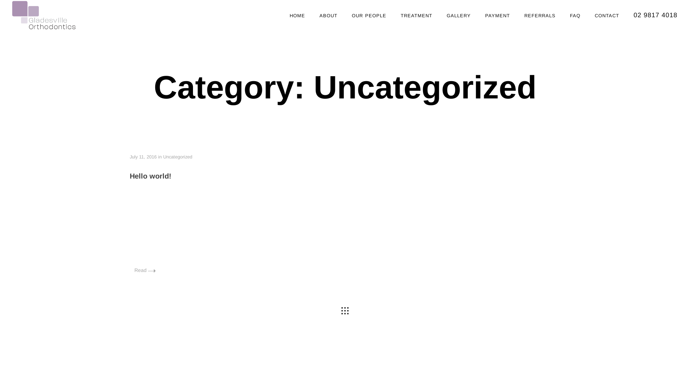 The width and height of the screenshot is (690, 388). I want to click on 'gallery', so click(458, 15).